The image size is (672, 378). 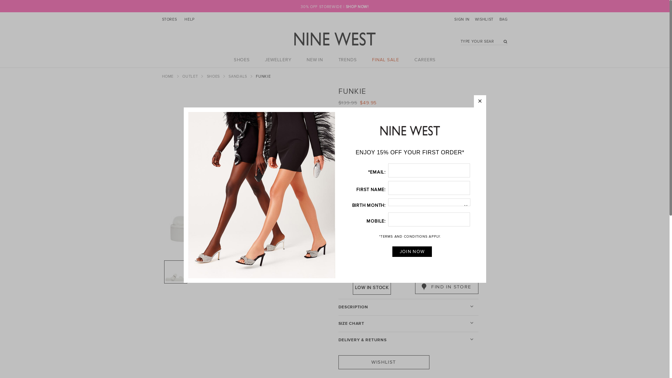 What do you see at coordinates (433, 171) in the screenshot?
I see `'7'` at bounding box center [433, 171].